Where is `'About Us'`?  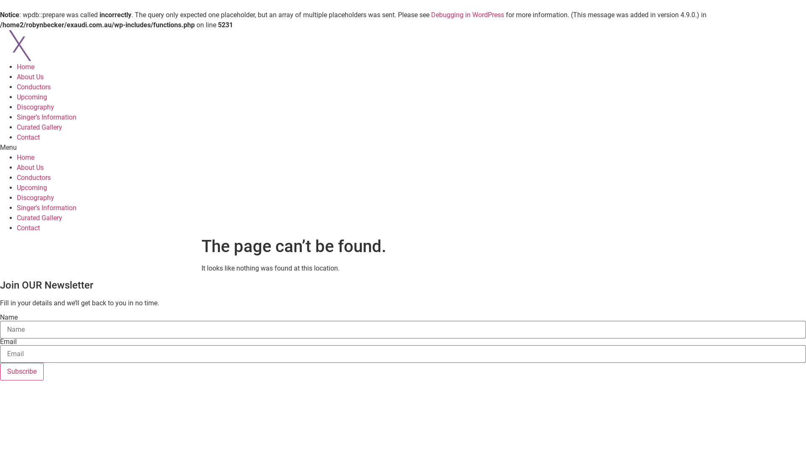
'About Us' is located at coordinates (16, 77).